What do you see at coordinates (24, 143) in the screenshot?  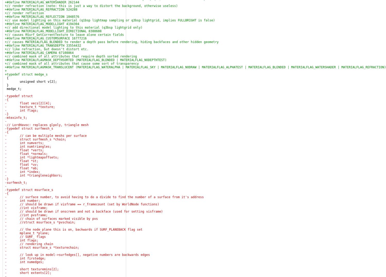 I see `'-       int numverts;'` at bounding box center [24, 143].